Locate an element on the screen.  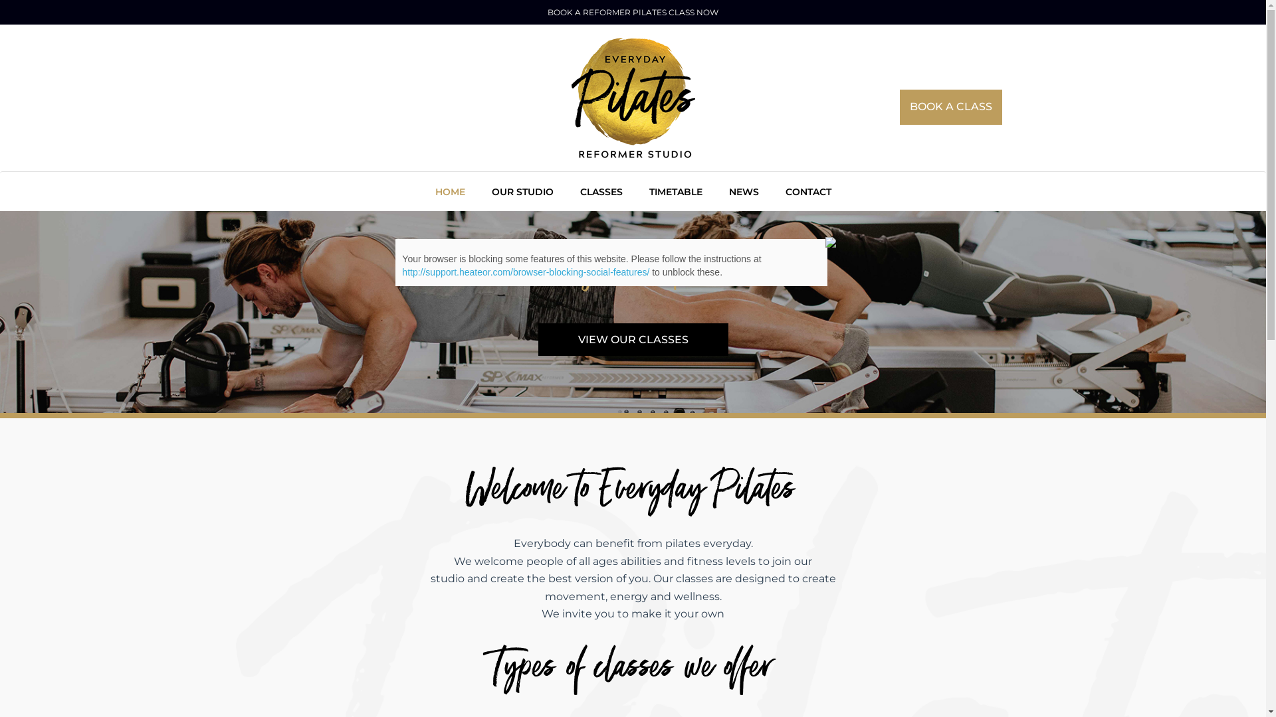
'CONTACT' is located at coordinates (807, 189).